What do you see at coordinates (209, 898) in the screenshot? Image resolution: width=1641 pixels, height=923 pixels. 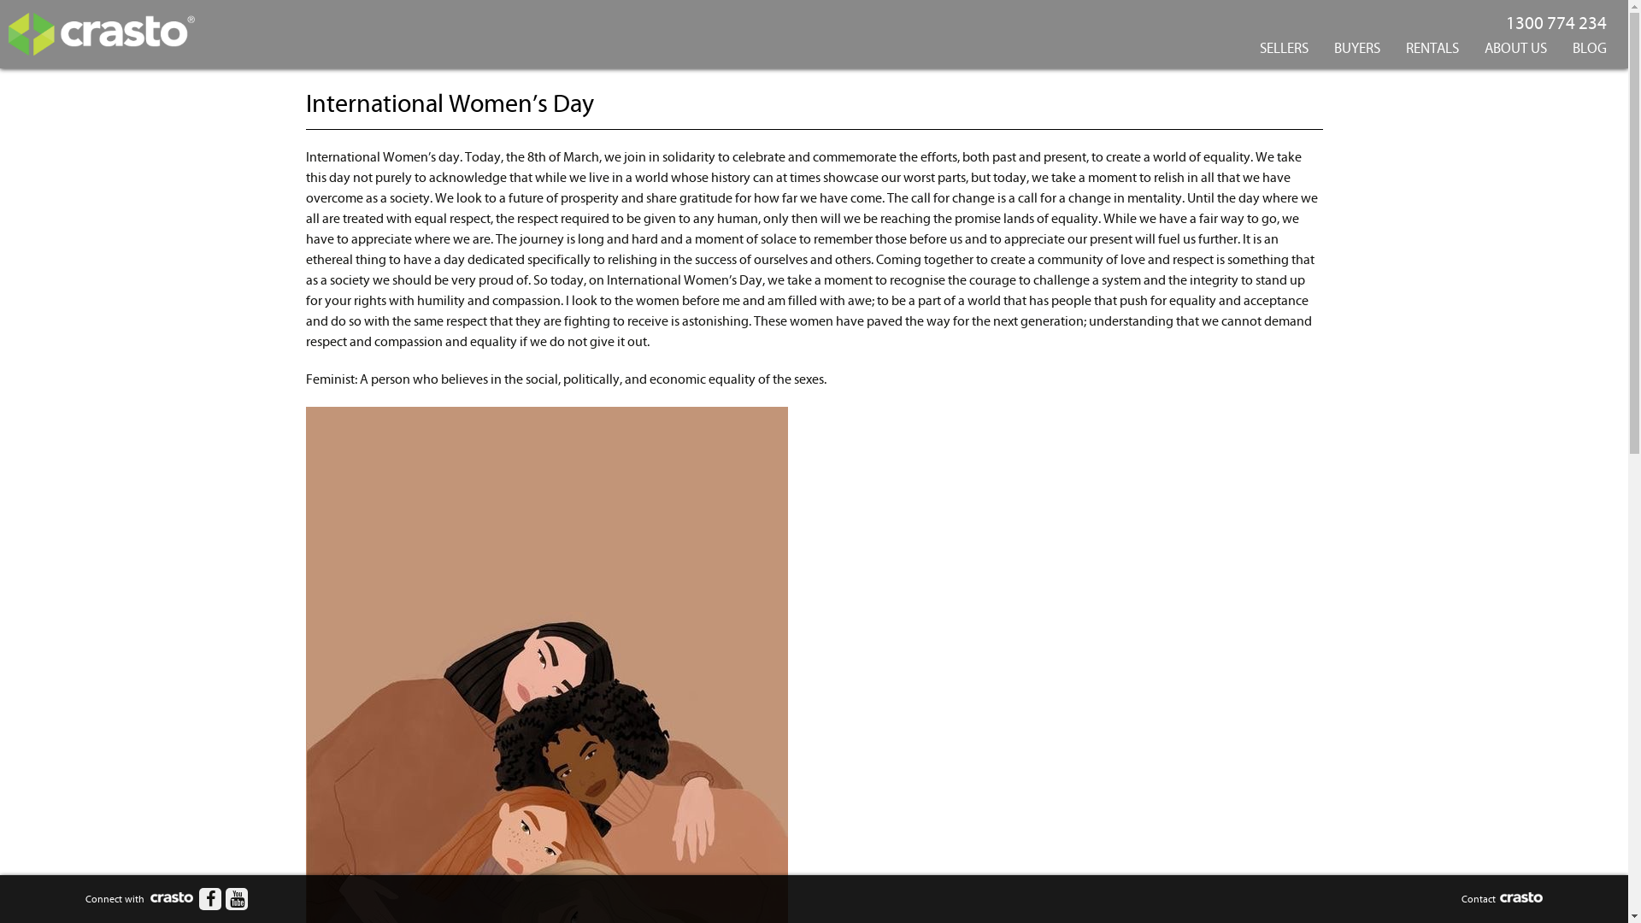 I see `'facebook'` at bounding box center [209, 898].